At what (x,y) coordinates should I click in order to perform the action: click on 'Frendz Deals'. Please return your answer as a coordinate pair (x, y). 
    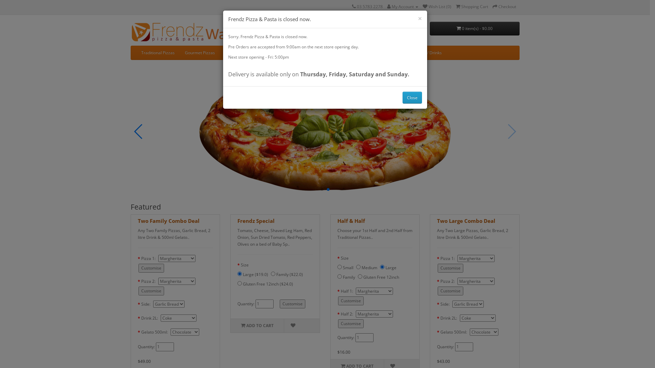
    Looking at the image, I should click on (365, 52).